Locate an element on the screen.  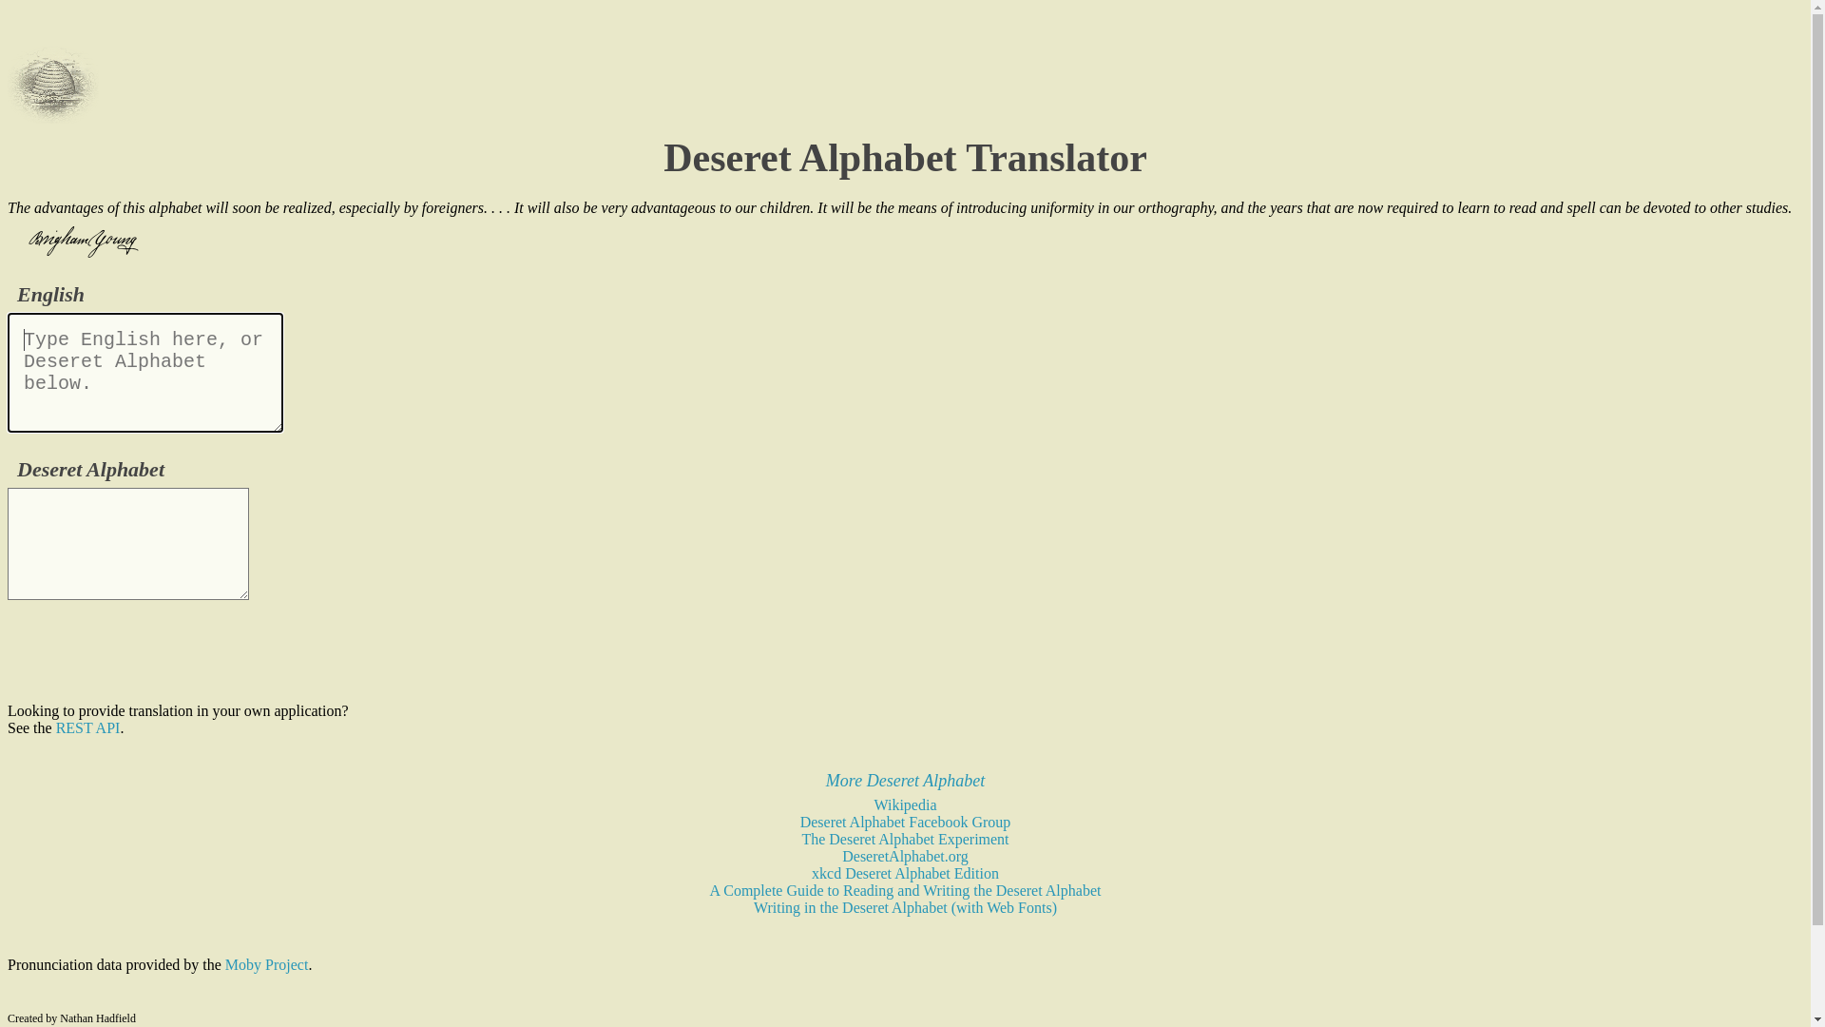
'The Deseret Alphabet Experiment' is located at coordinates (801, 838).